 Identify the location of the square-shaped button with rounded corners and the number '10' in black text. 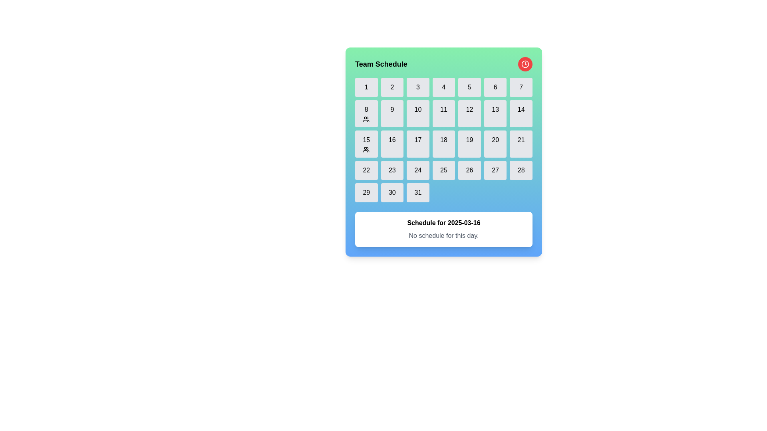
(417, 114).